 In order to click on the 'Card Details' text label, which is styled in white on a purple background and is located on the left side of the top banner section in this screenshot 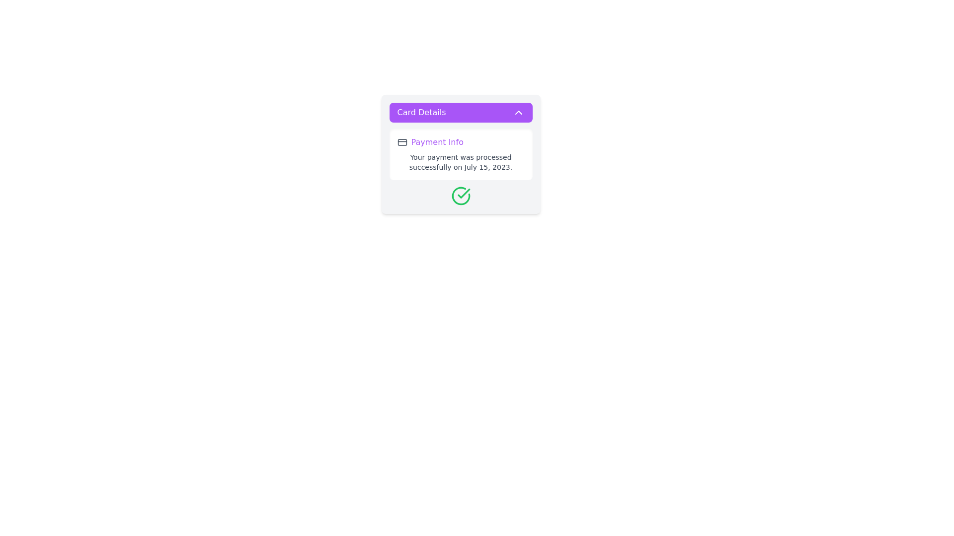, I will do `click(421, 112)`.